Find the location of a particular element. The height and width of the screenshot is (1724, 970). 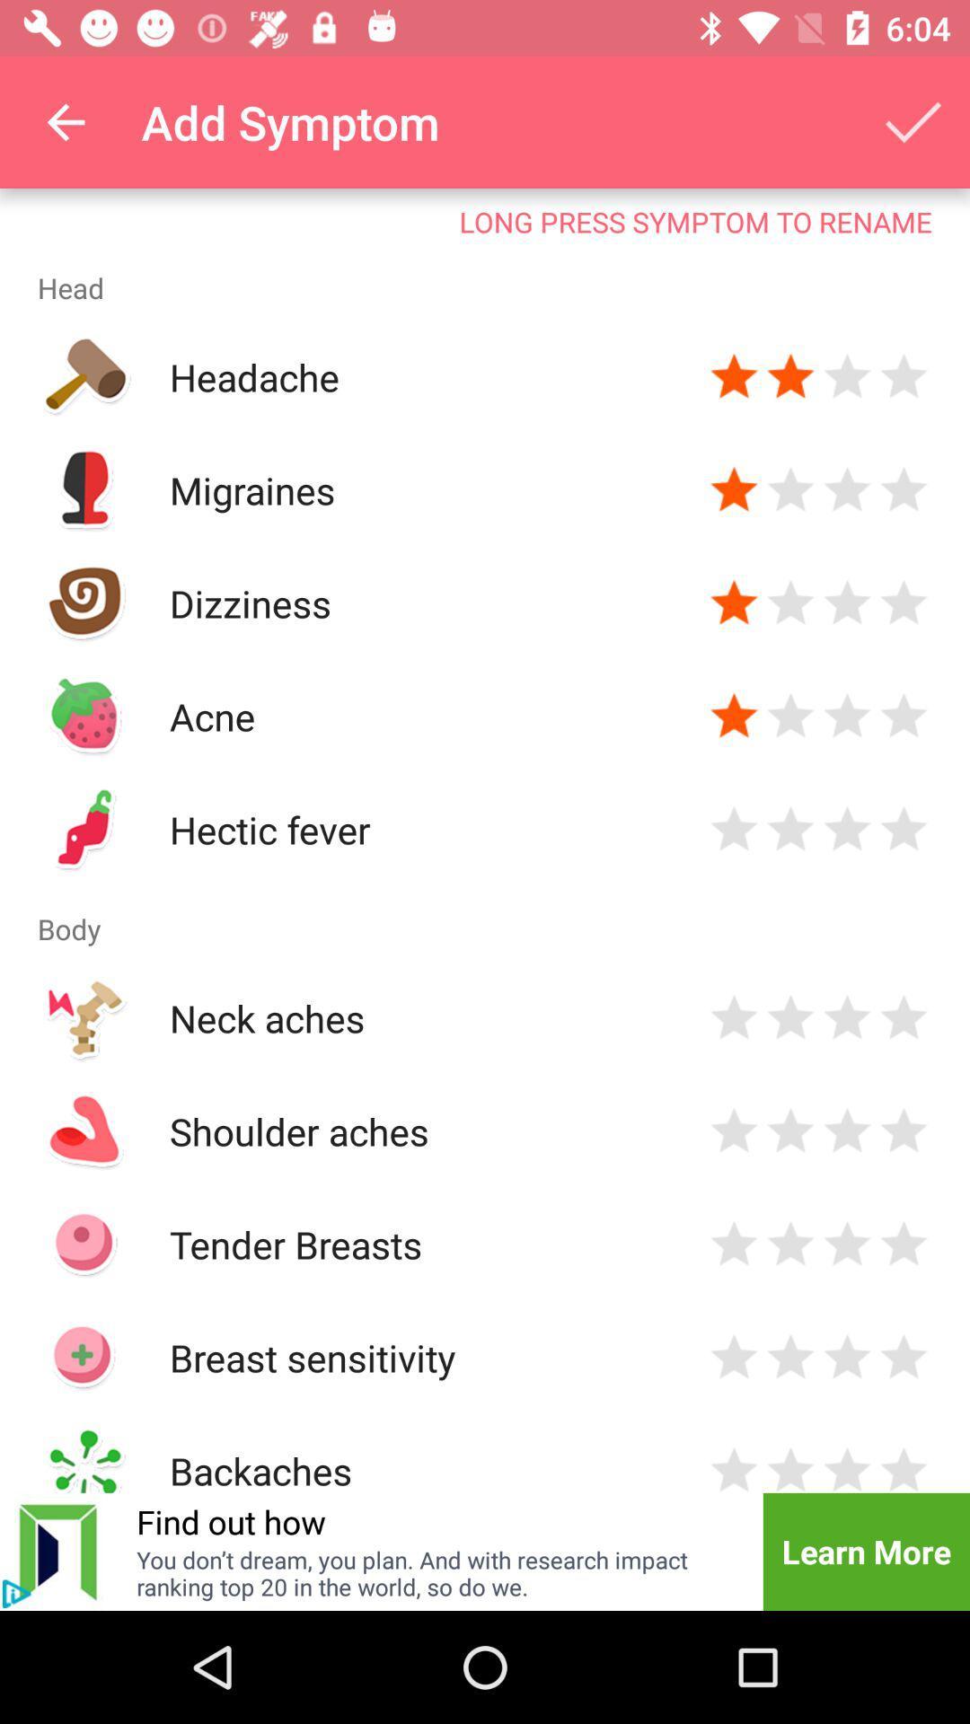

rate 2 is located at coordinates (789, 603).